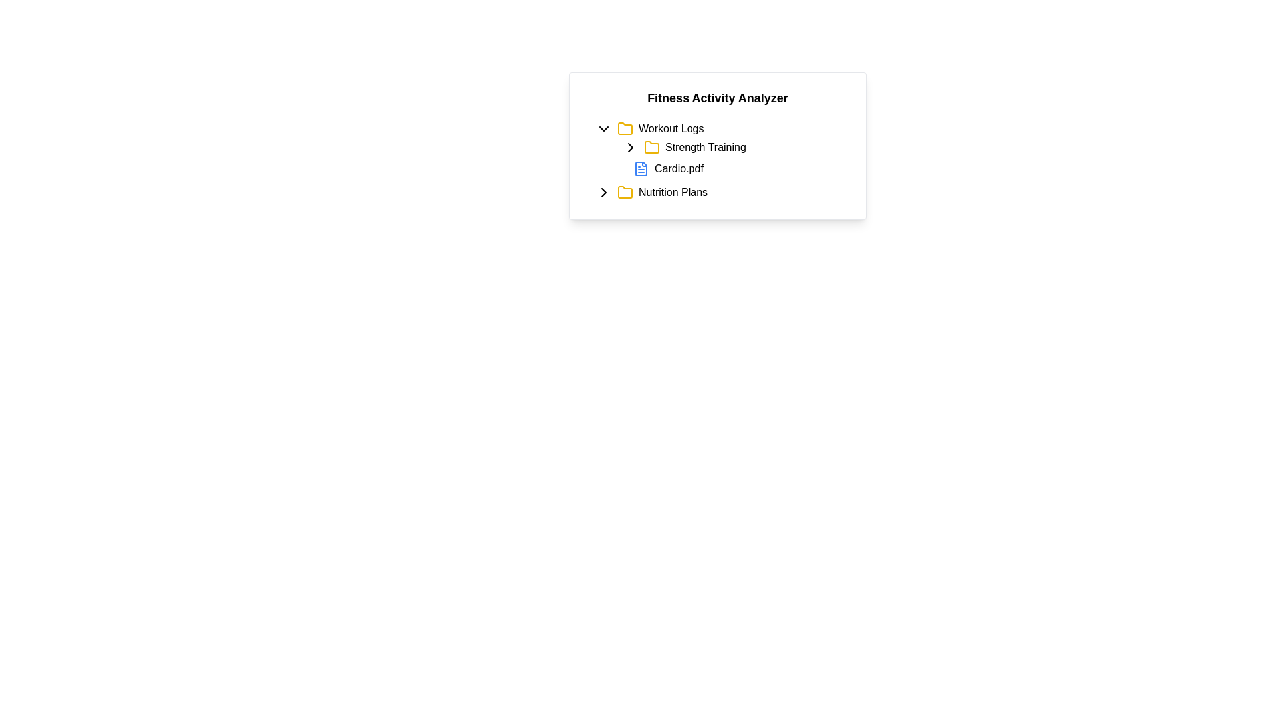 This screenshot has width=1276, height=718. What do you see at coordinates (671, 128) in the screenshot?
I see `the 'Workout Logs' text label, which is styled in bold and slightly larger font, located in the upper-left section under the 'Fitness Activity Analyzer' header` at bounding box center [671, 128].